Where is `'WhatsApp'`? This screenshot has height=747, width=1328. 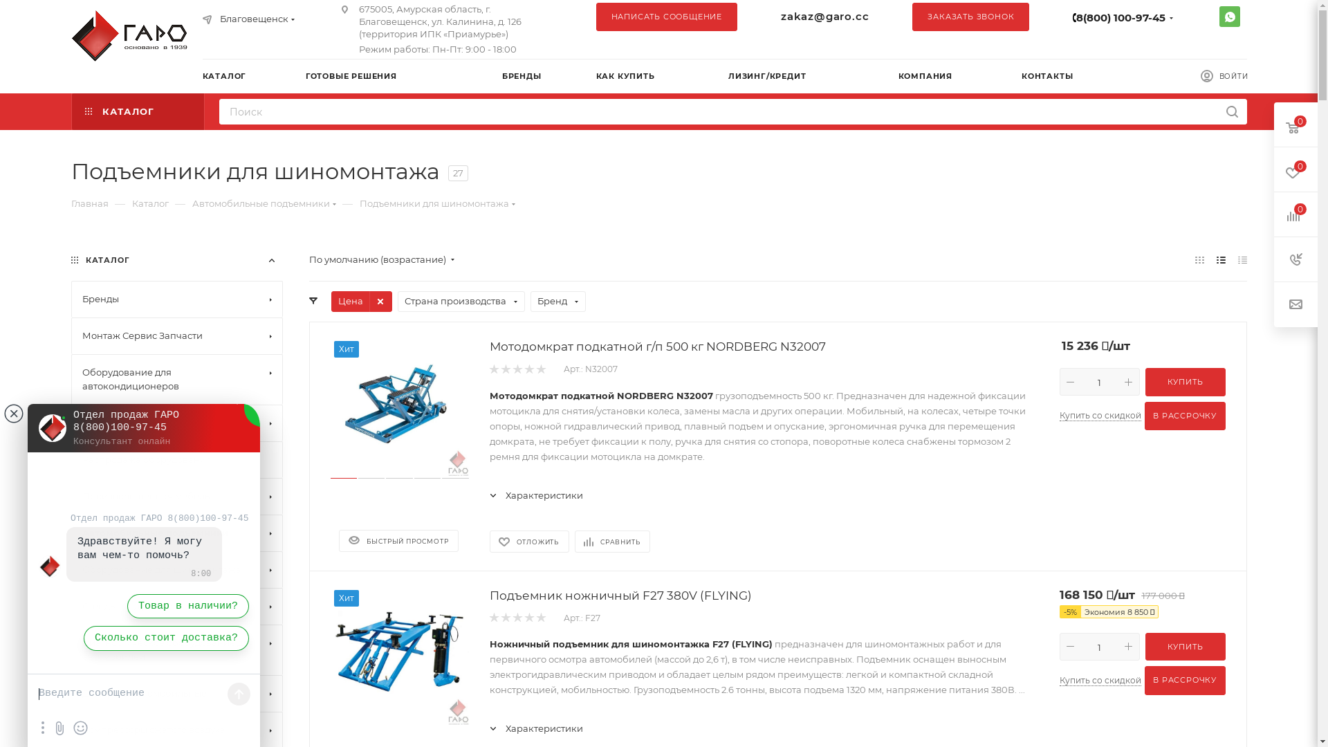 'WhatsApp' is located at coordinates (1218, 16).